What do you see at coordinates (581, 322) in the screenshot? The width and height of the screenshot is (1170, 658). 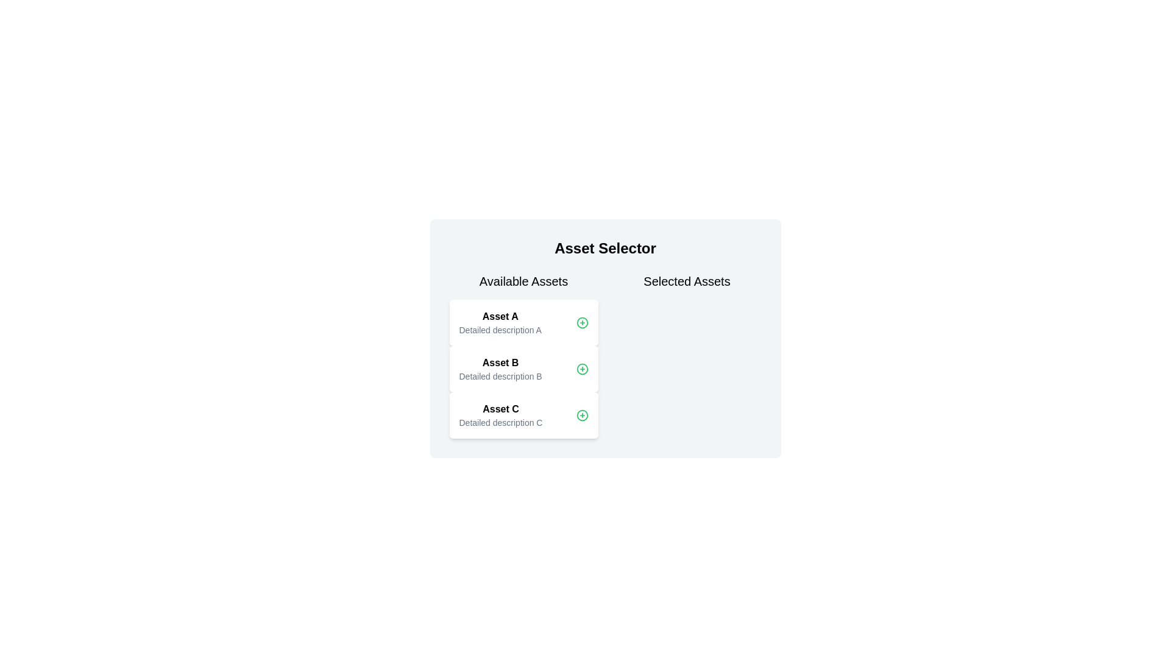 I see `the green circular button with a plus symbol, which is associated with 'Asset B'` at bounding box center [581, 322].